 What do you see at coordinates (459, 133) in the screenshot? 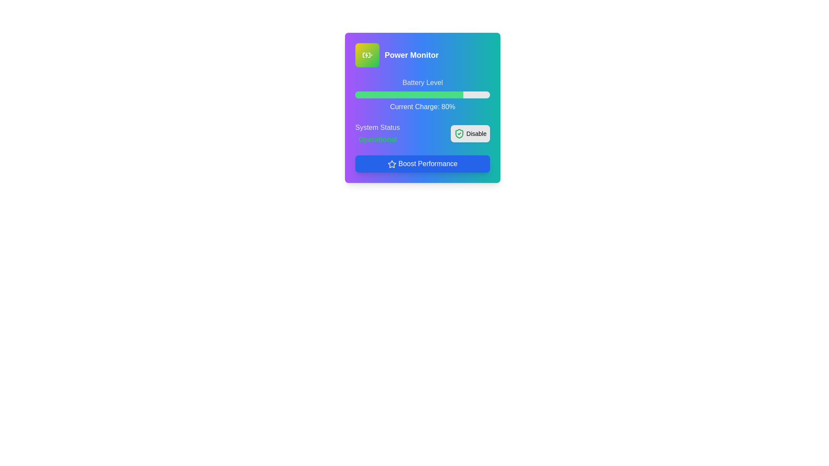
I see `the 'shield with a checkmark' icon located to the left of the 'Disable' button` at bounding box center [459, 133].